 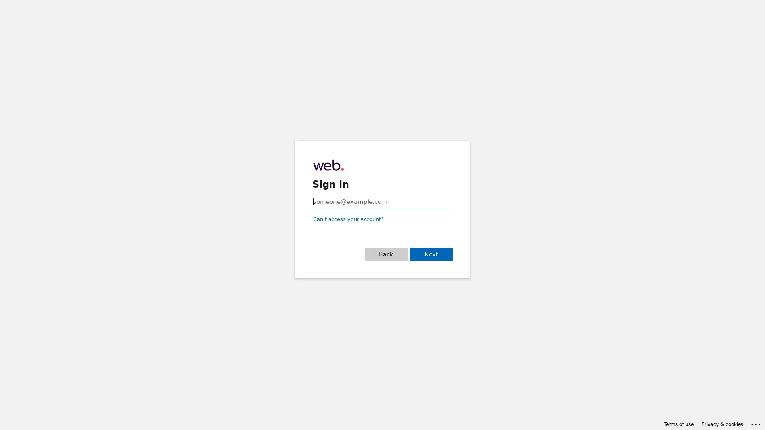 I want to click on Click here for troubleshooting information, so click(x=756, y=423).